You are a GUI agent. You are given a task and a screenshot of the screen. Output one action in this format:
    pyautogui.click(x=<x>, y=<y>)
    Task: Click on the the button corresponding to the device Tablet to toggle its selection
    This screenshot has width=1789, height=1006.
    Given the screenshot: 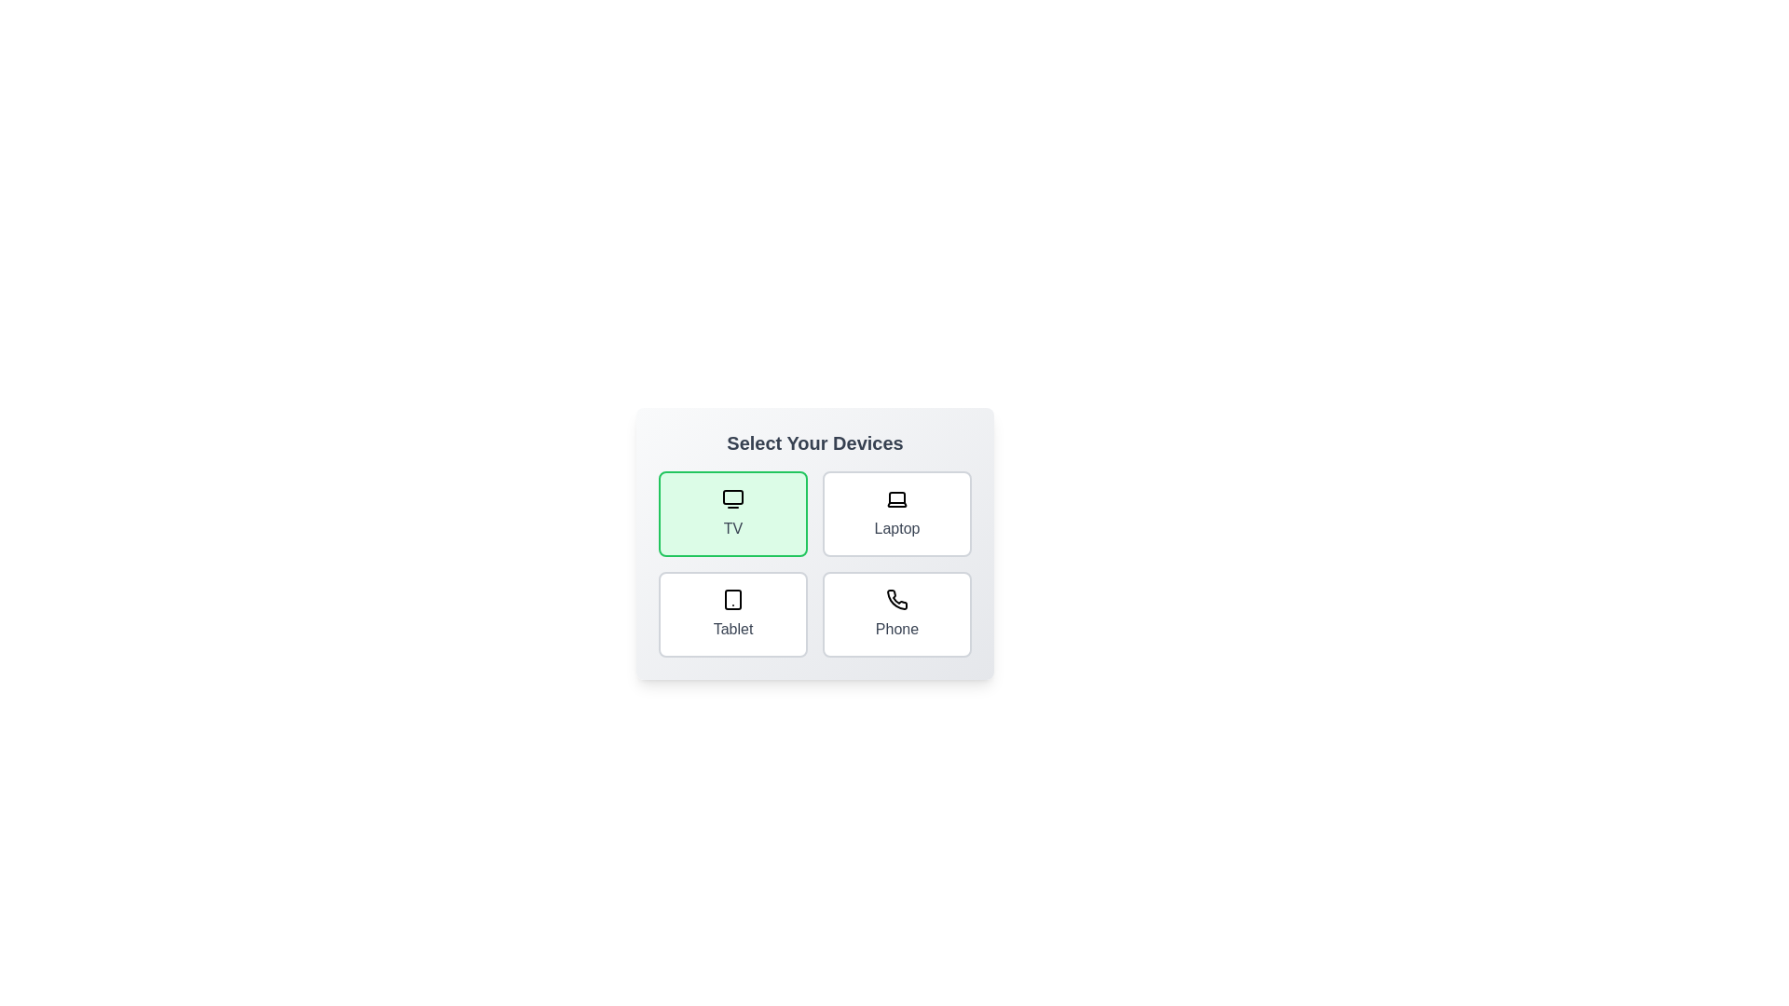 What is the action you would take?
    pyautogui.click(x=732, y=614)
    